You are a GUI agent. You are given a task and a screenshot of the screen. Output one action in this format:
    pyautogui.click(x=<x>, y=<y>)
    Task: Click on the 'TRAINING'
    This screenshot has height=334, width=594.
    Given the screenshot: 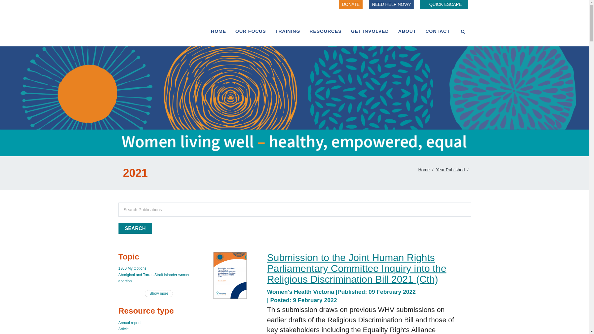 What is the action you would take?
    pyautogui.click(x=287, y=31)
    